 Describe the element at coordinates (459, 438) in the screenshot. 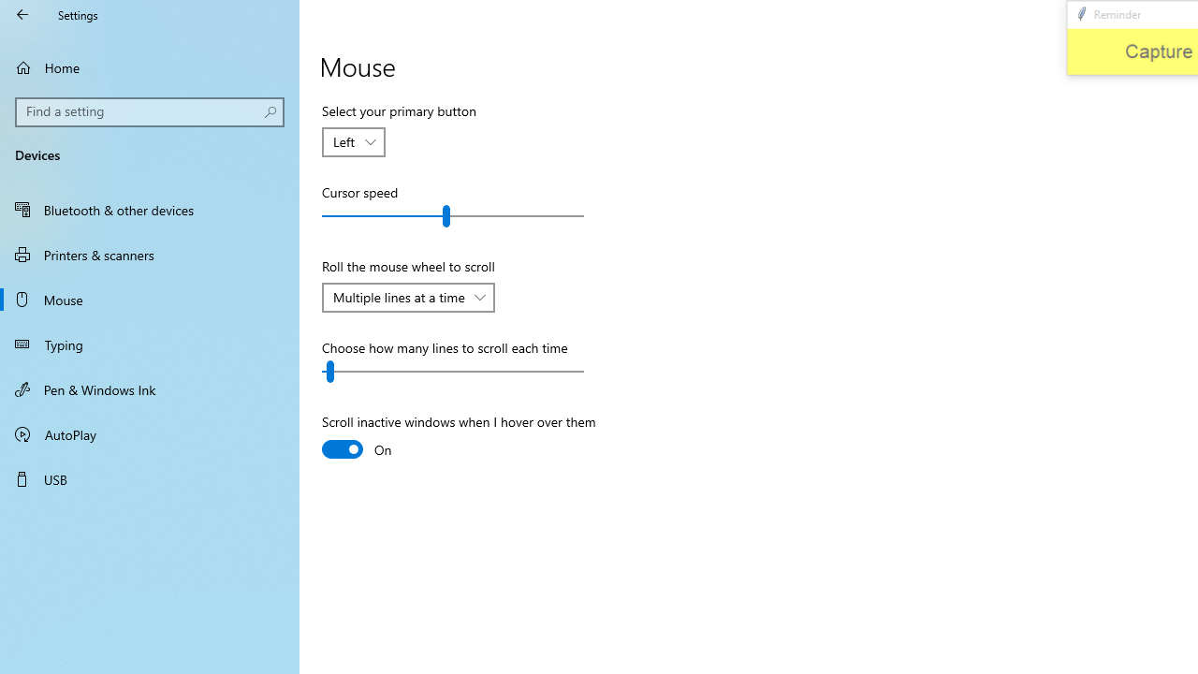

I see `'Scroll inactive windows when I hover over them'` at that location.